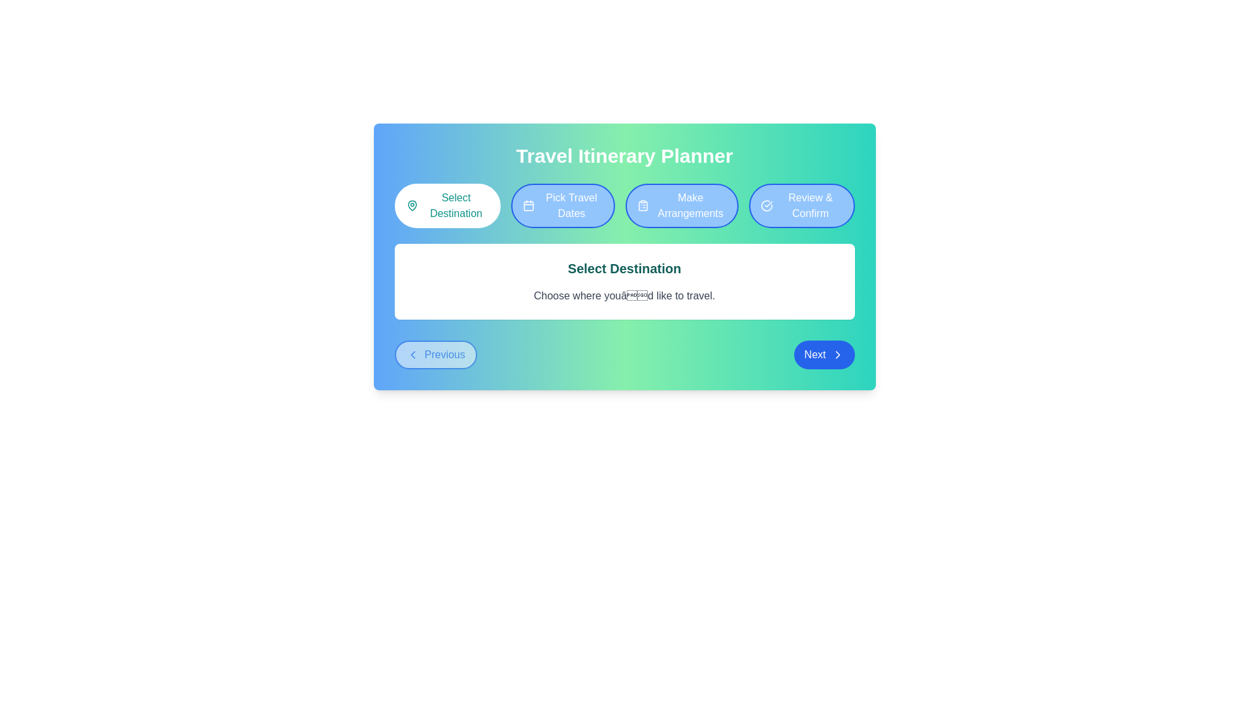 The width and height of the screenshot is (1255, 706). I want to click on the 'Select Destination' button with a white background and teal text, located at the center-top section of the interface, so click(447, 206).